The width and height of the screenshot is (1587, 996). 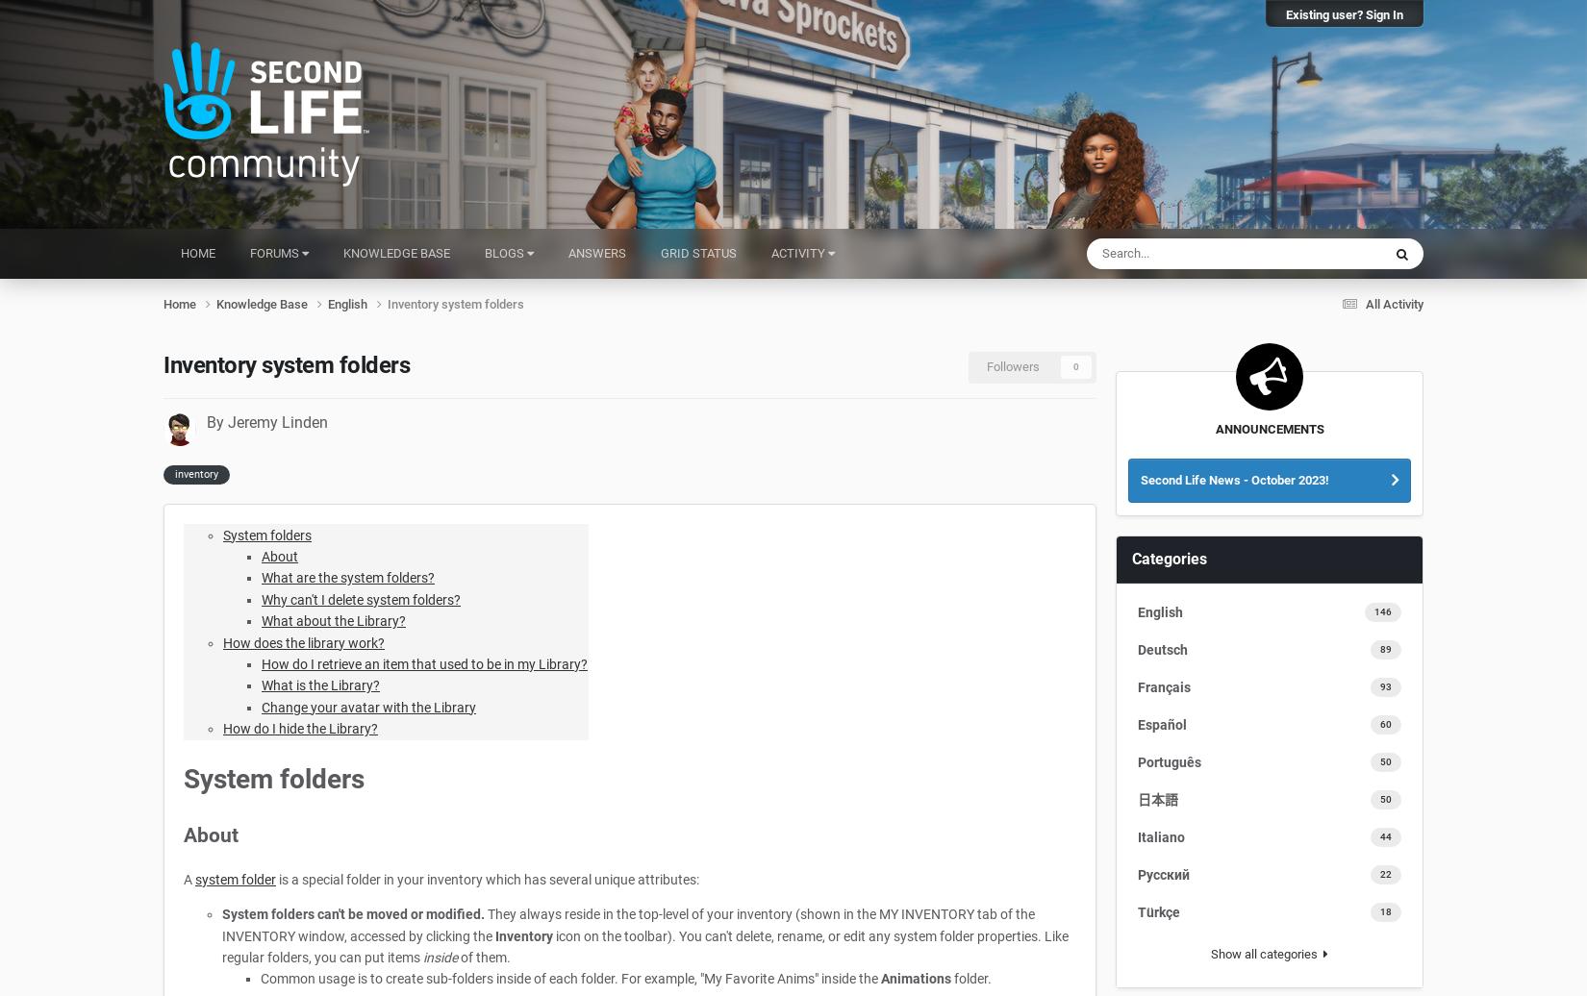 What do you see at coordinates (1170, 761) in the screenshot?
I see `'Português'` at bounding box center [1170, 761].